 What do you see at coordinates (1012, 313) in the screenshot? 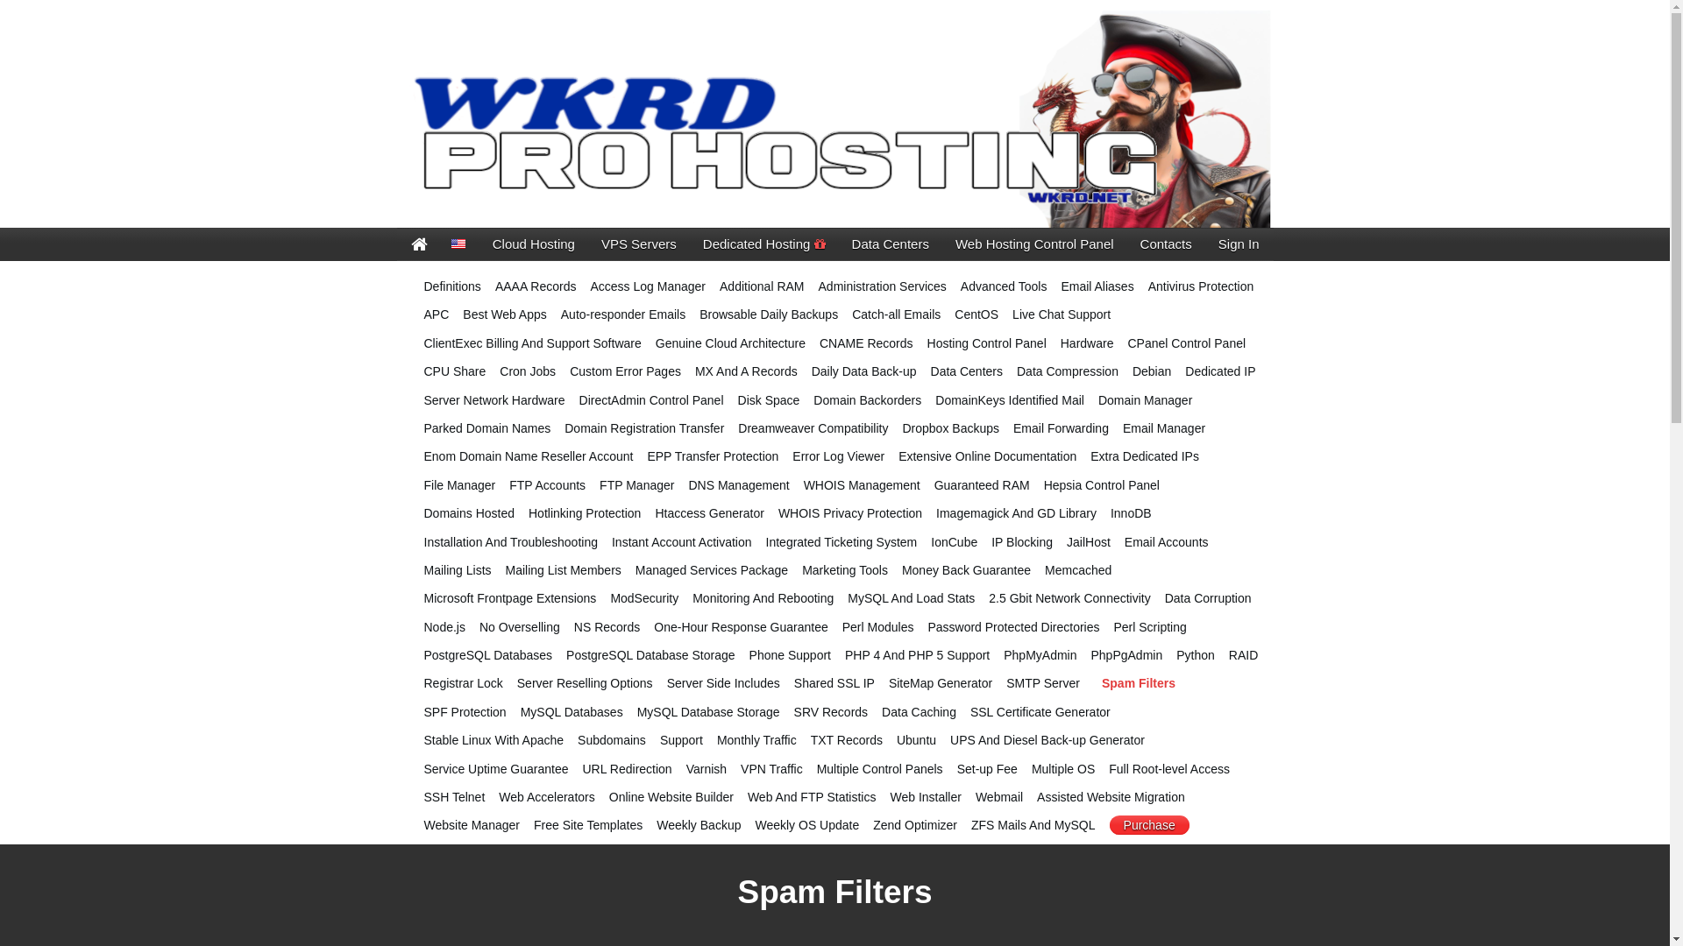
I see `'Live Chat Support'` at bounding box center [1012, 313].